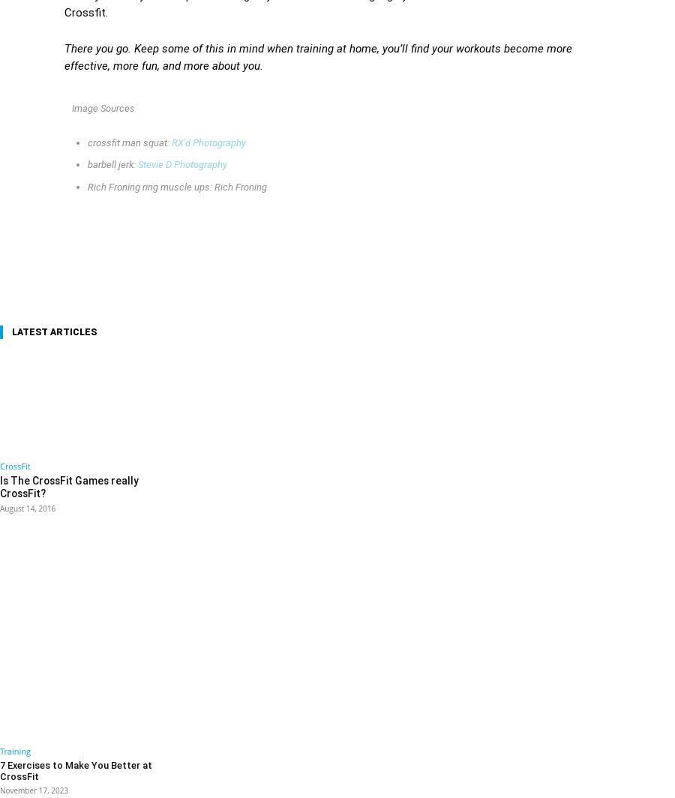 The height and width of the screenshot is (798, 675). I want to click on 'Stevie D Photography', so click(137, 164).